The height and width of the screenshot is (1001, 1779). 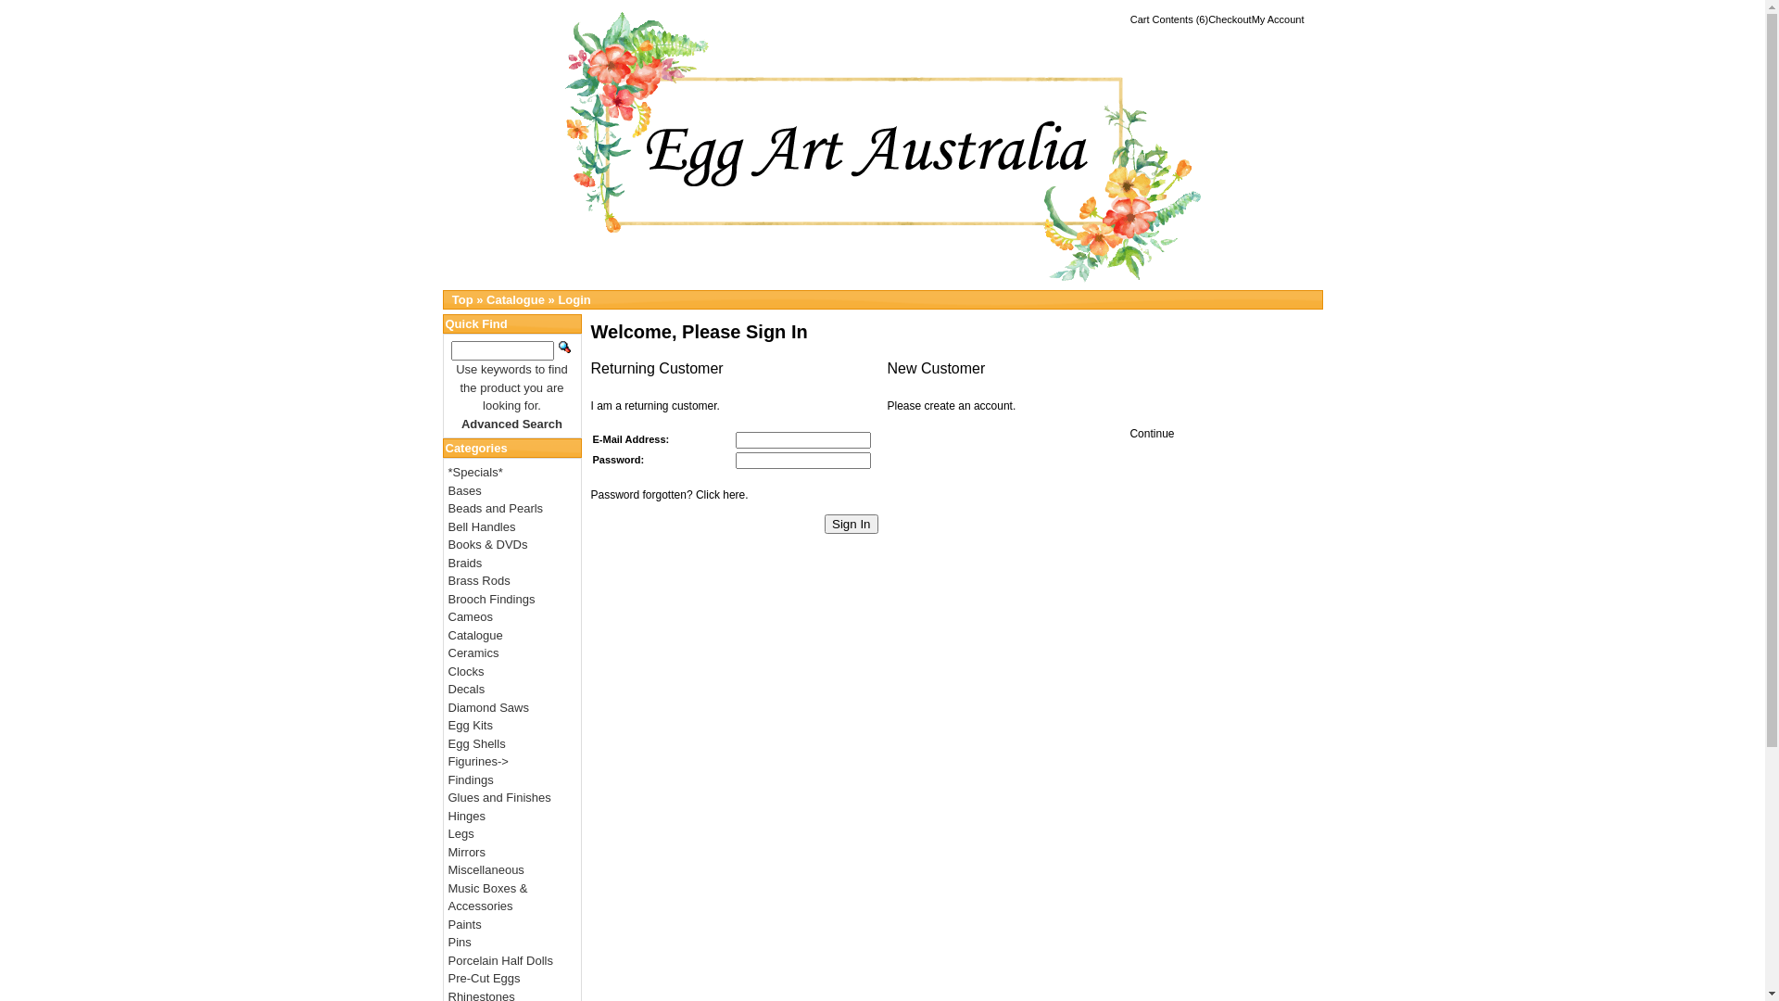 What do you see at coordinates (1229, 19) in the screenshot?
I see `'Checkout'` at bounding box center [1229, 19].